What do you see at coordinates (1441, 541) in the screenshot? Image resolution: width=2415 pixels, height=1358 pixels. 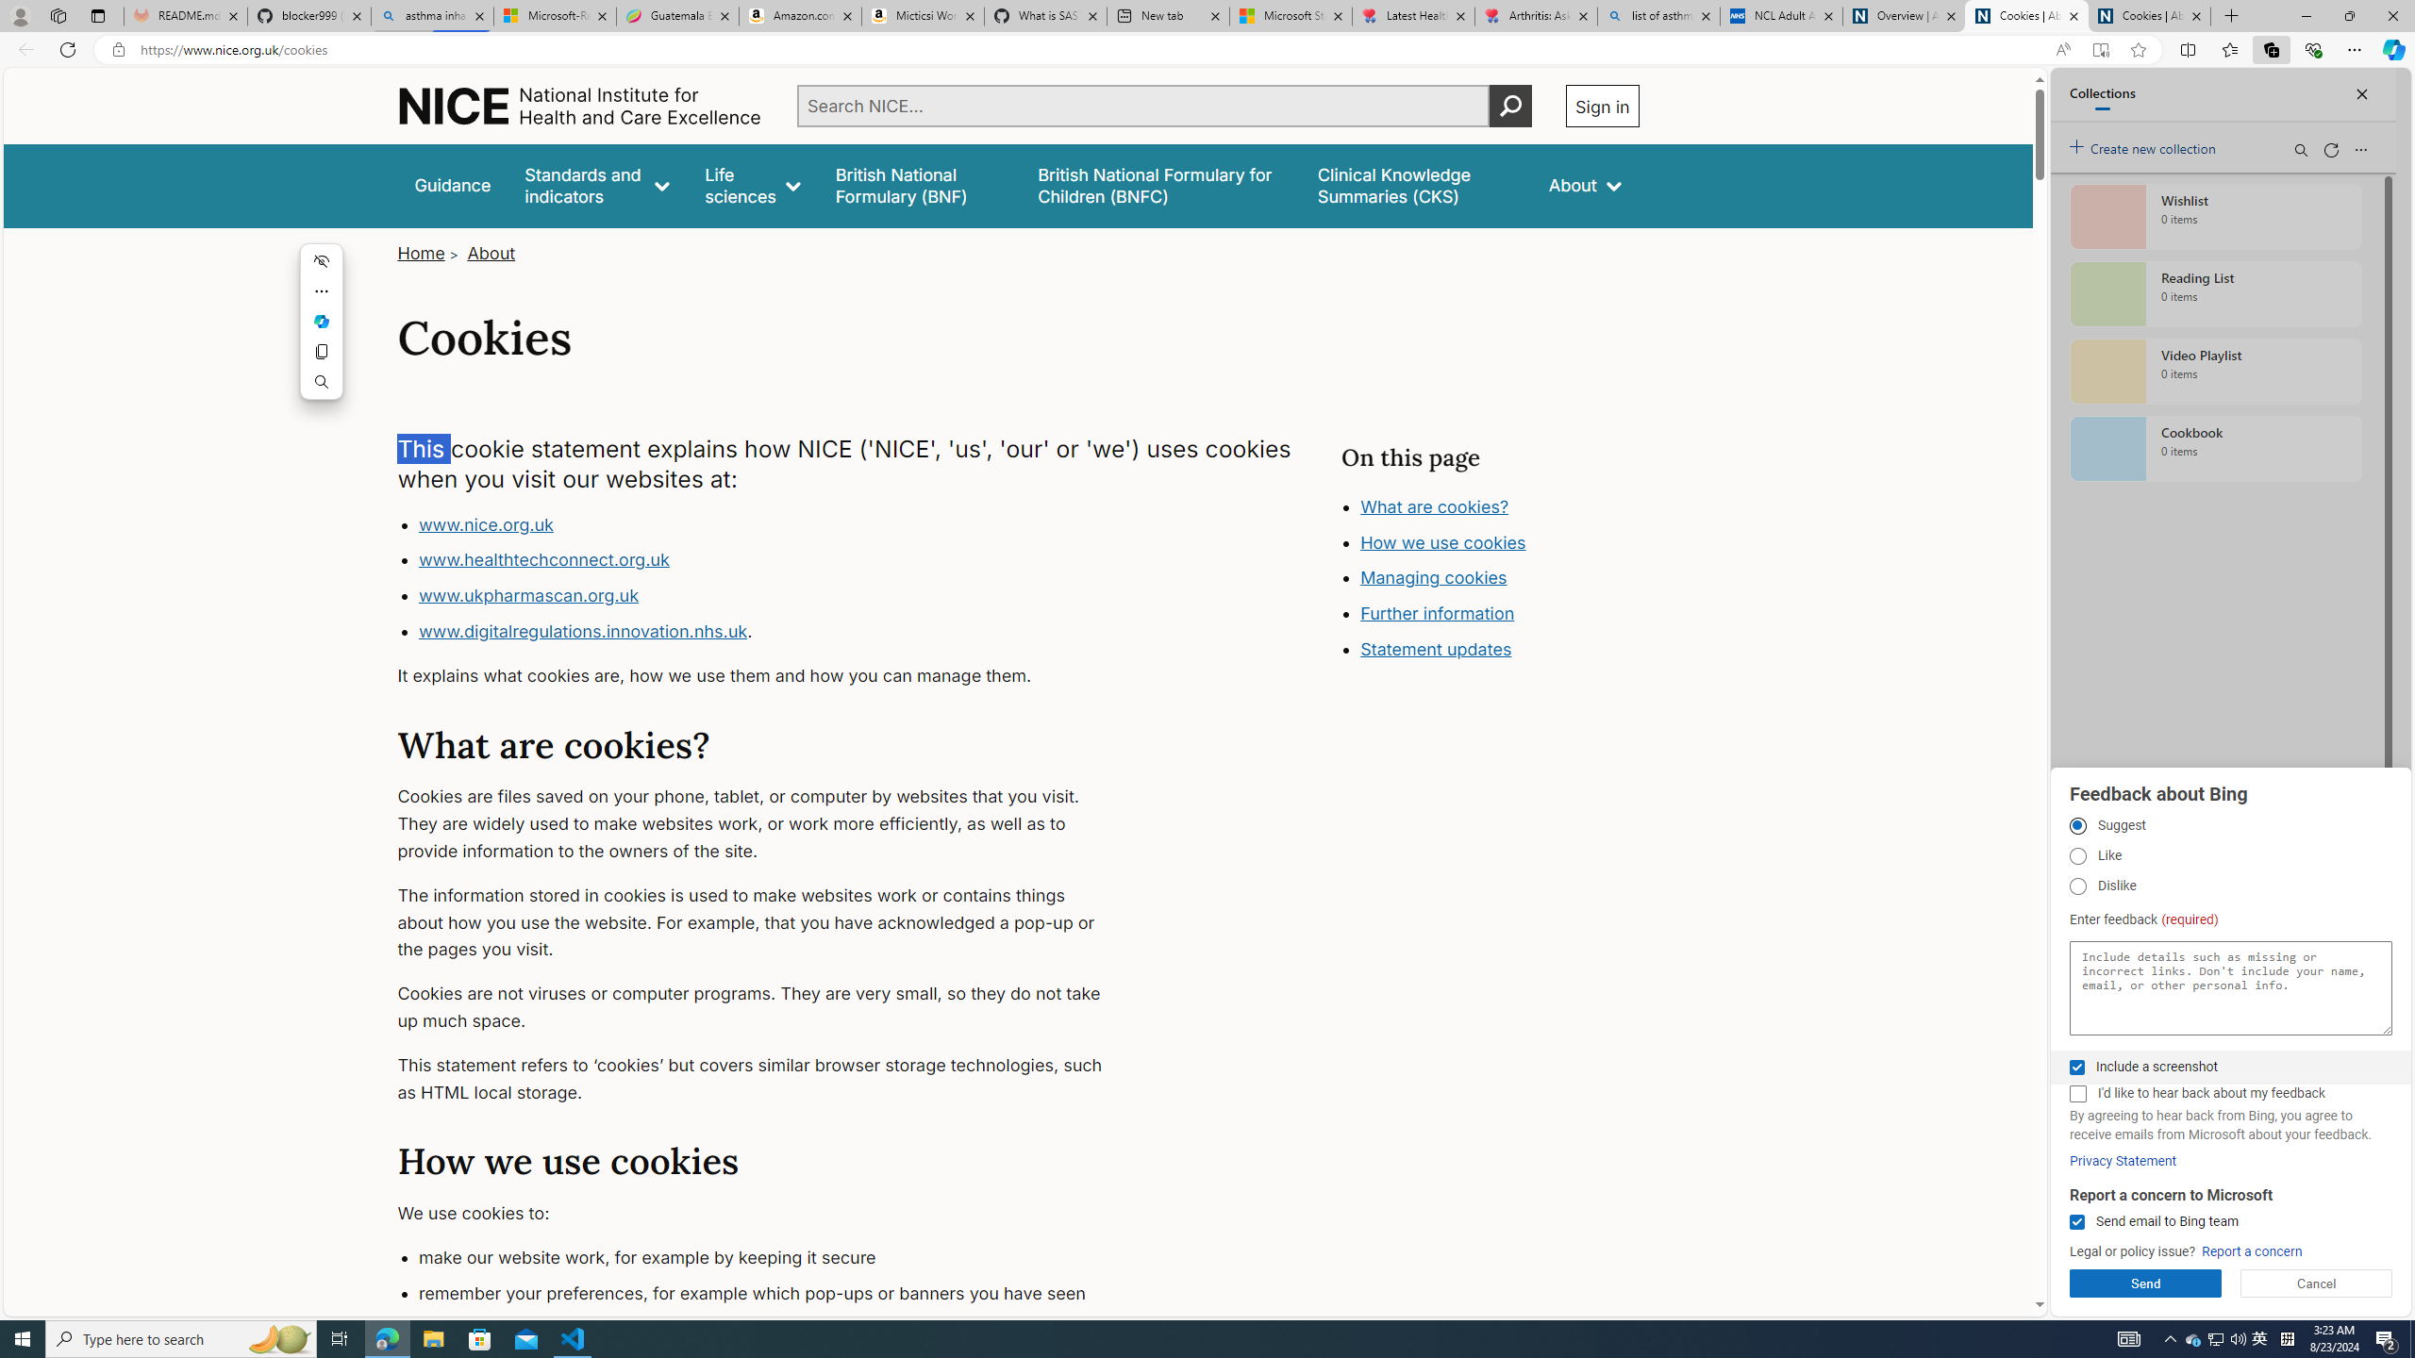 I see `'How we use cookies'` at bounding box center [1441, 541].